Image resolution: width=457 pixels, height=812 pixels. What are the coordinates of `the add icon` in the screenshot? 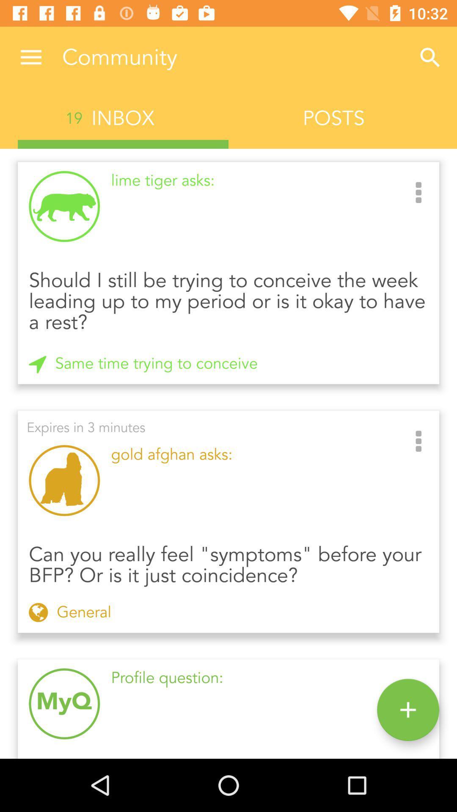 It's located at (407, 710).